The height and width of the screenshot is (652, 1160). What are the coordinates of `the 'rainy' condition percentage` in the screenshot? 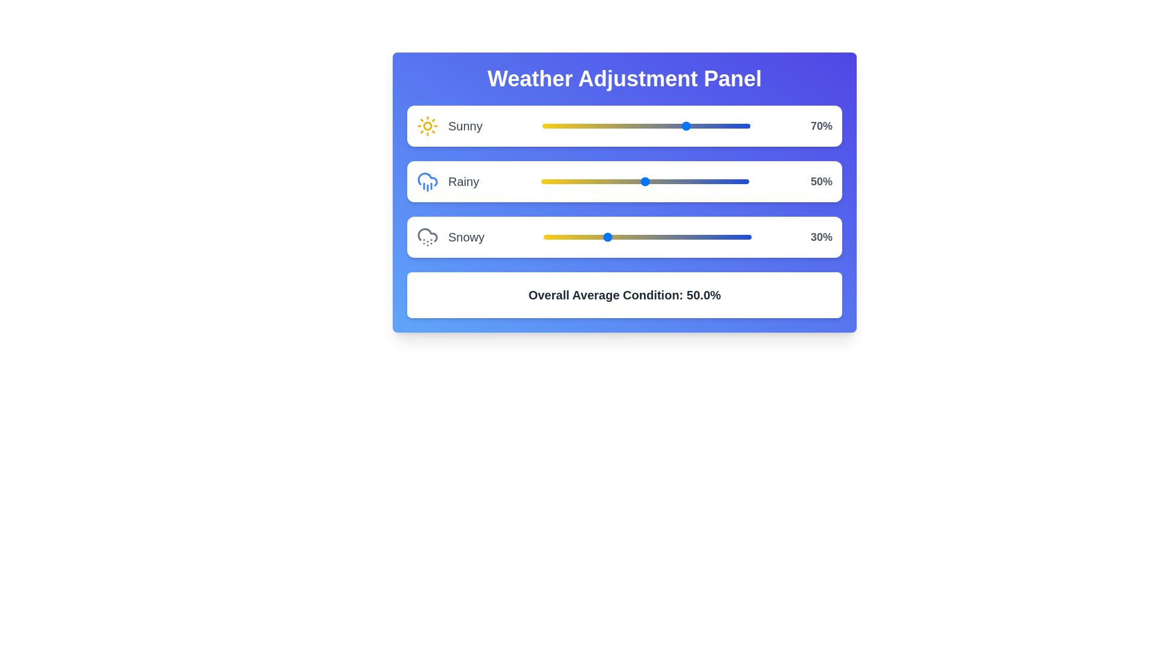 It's located at (617, 181).